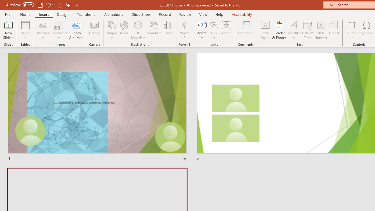 This screenshot has width=375, height=211. I want to click on 'Date & Time...', so click(307, 30).